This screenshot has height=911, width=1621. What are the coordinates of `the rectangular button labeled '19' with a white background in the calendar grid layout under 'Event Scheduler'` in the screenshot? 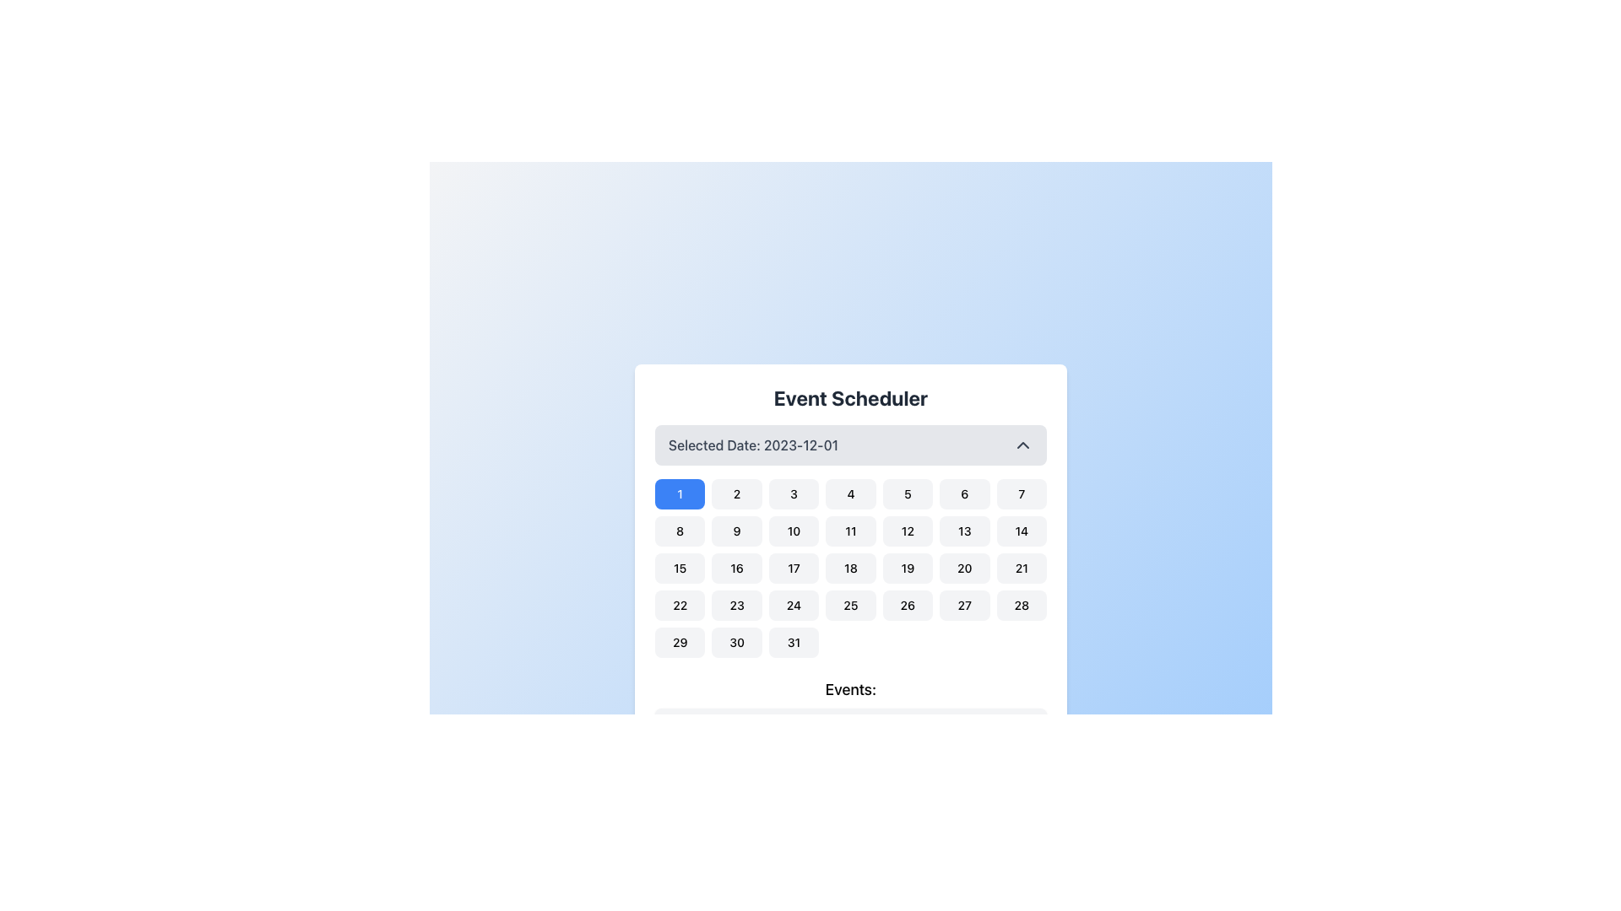 It's located at (907, 569).